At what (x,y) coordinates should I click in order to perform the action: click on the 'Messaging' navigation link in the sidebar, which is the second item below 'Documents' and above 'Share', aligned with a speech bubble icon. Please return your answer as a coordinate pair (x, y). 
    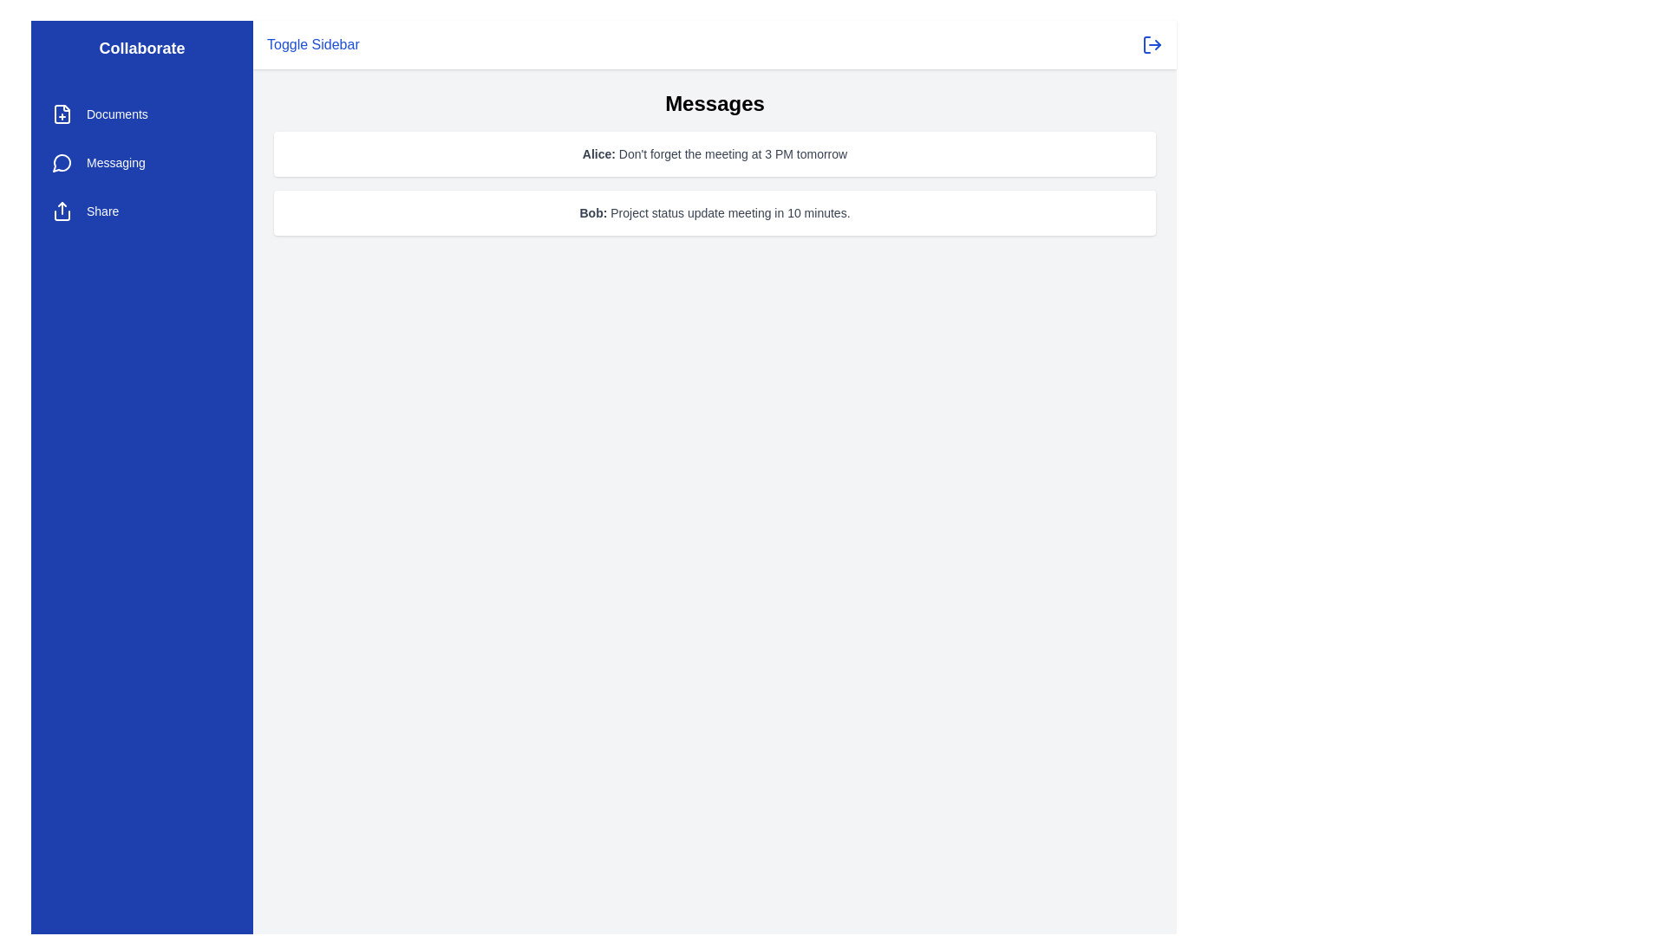
    Looking at the image, I should click on (114, 163).